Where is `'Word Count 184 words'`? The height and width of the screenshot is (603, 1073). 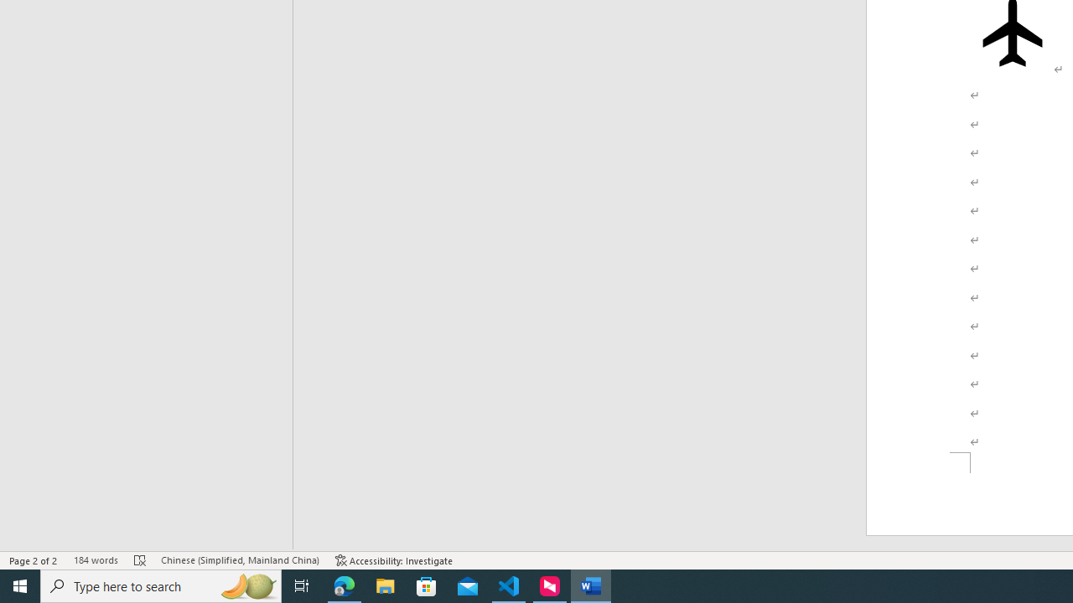
'Word Count 184 words' is located at coordinates (94, 560).